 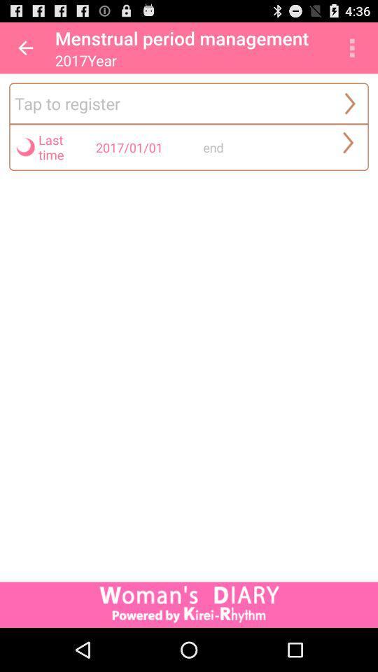 I want to click on the icon next to menstrual period management item, so click(x=351, y=48).